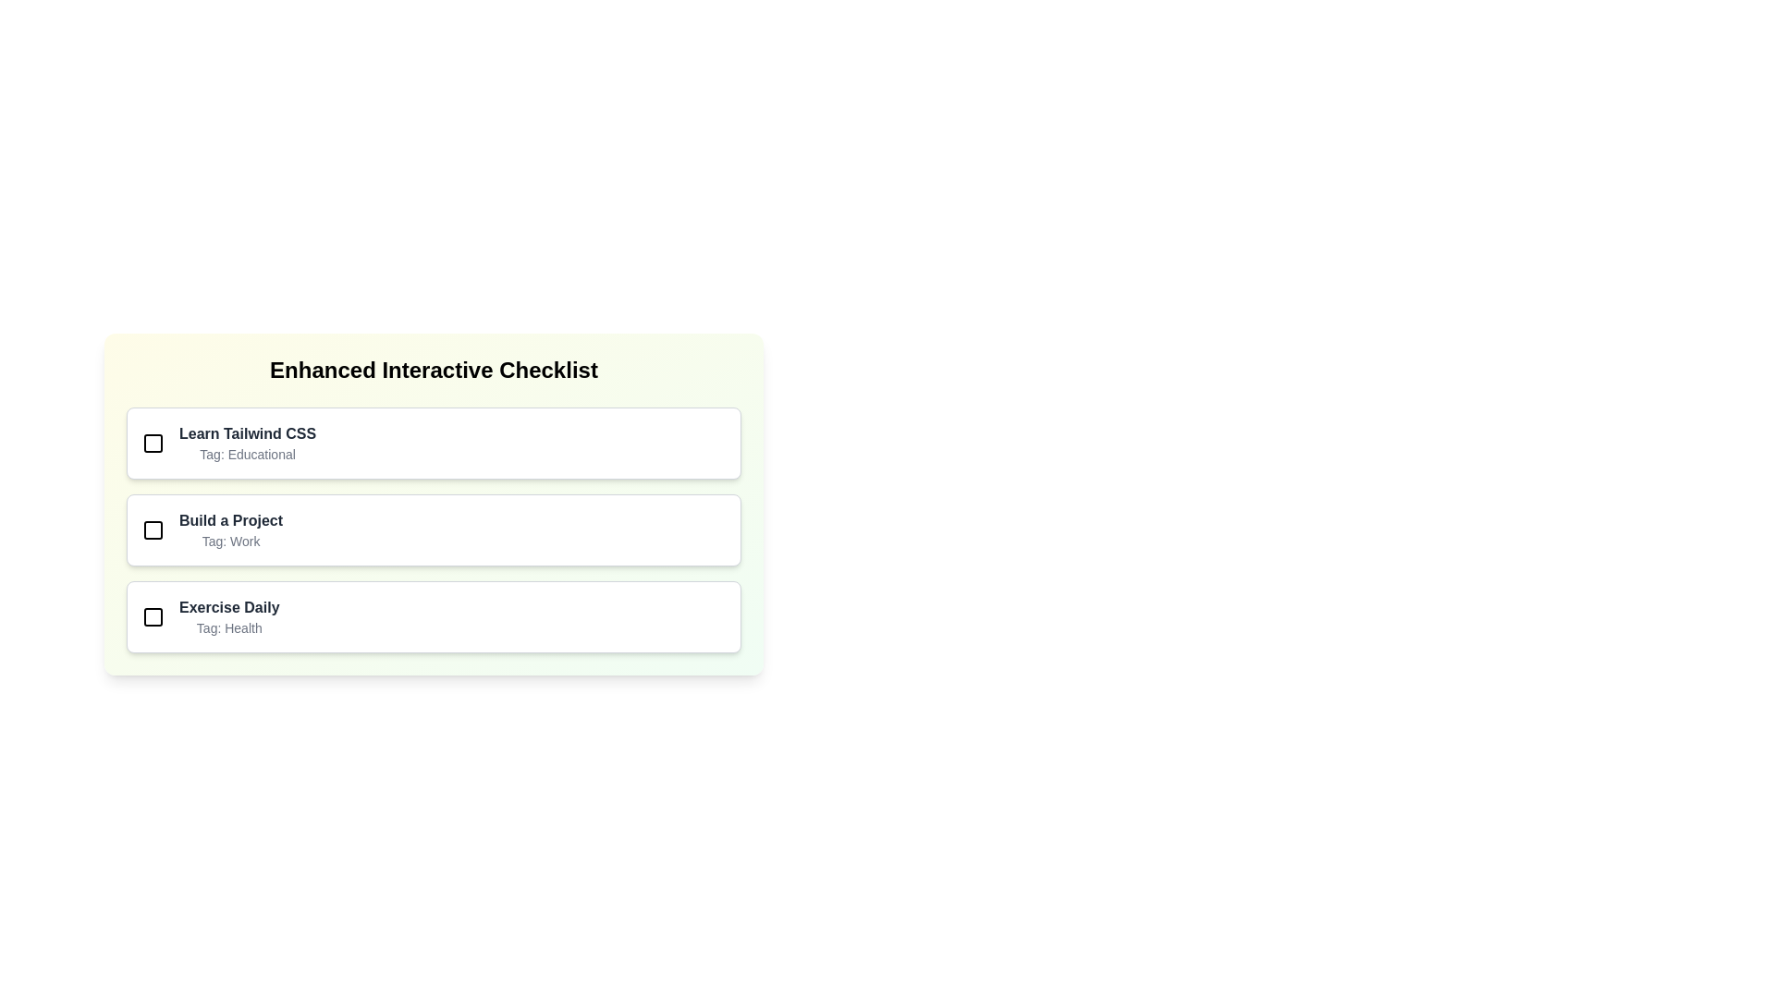 The width and height of the screenshot is (1775, 998). Describe the element at coordinates (433, 371) in the screenshot. I see `the header element of the checklist interface` at that location.